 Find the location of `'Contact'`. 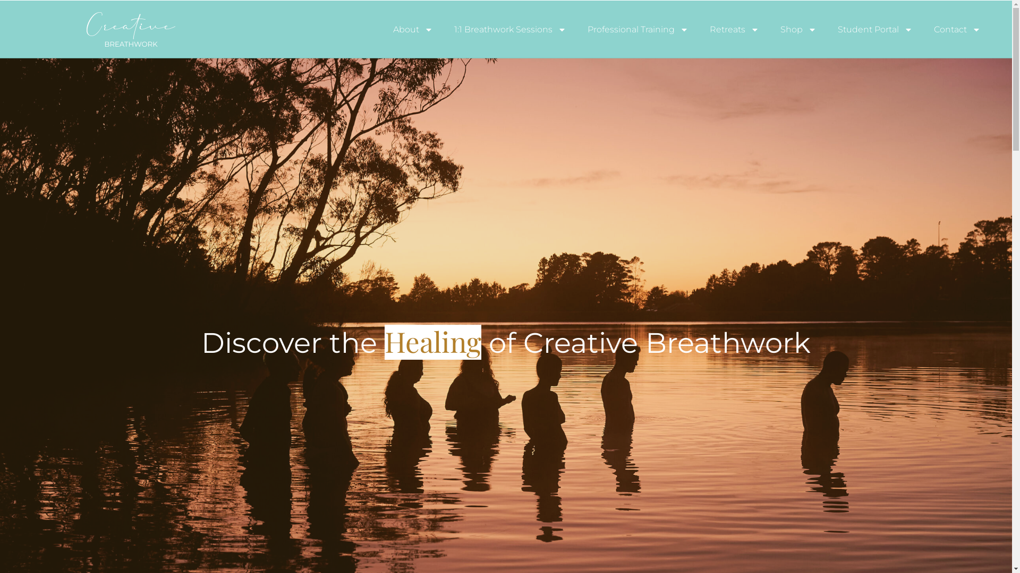

'Contact' is located at coordinates (922, 28).